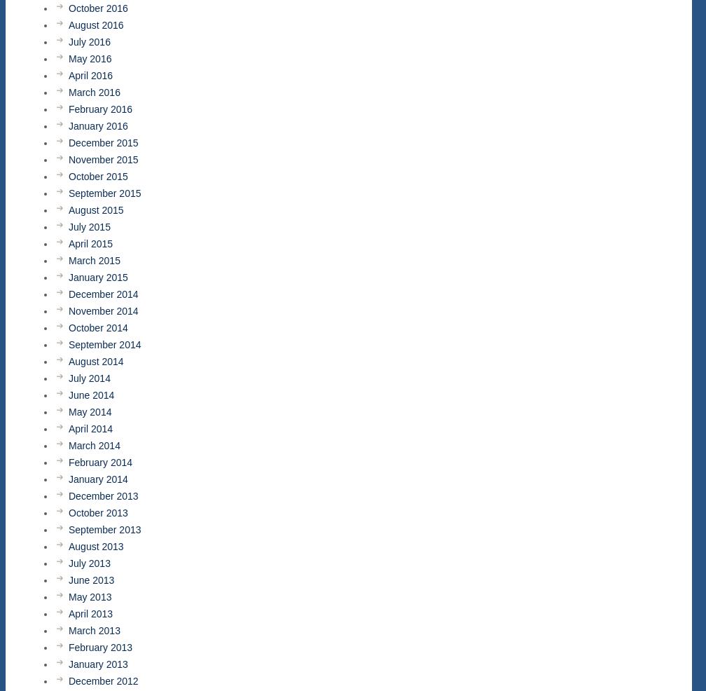  I want to click on 'May 2016', so click(90, 59).